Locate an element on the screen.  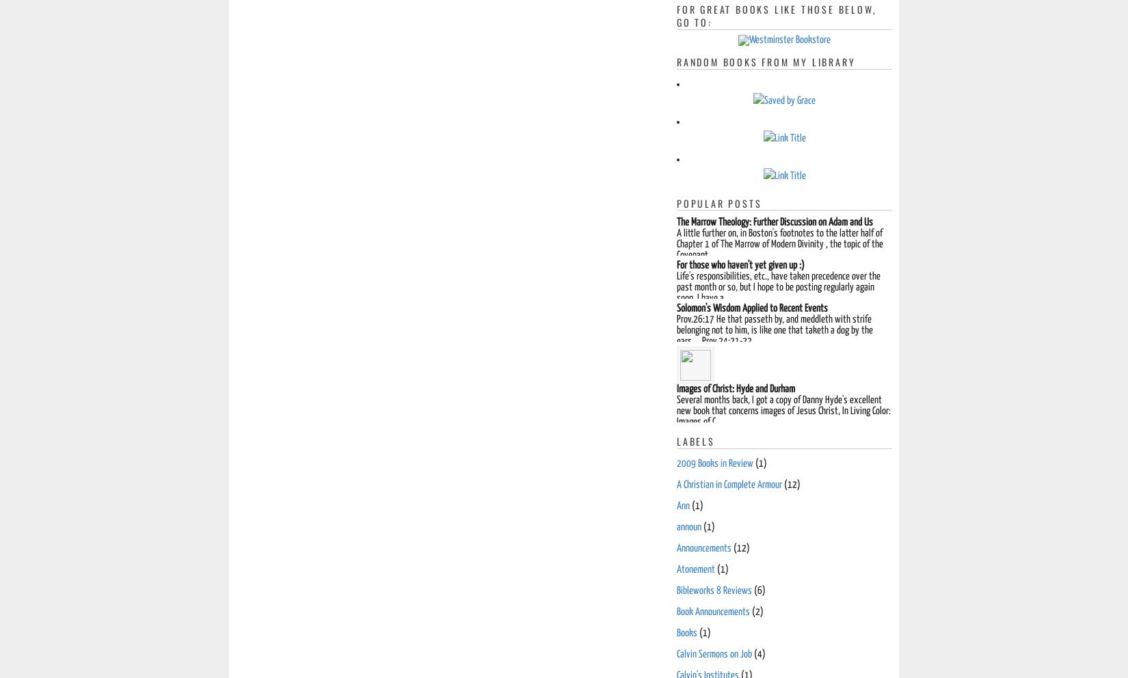
'Announcements' is located at coordinates (703, 547).